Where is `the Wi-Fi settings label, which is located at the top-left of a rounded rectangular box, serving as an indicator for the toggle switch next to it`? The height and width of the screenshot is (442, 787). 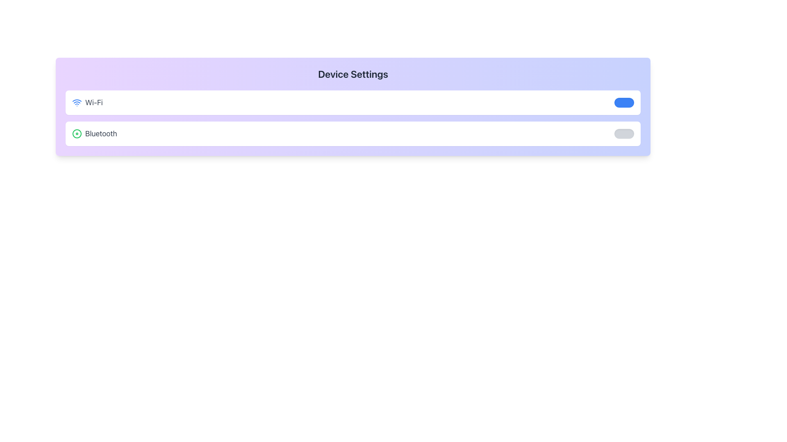 the Wi-Fi settings label, which is located at the top-left of a rounded rectangular box, serving as an indicator for the toggle switch next to it is located at coordinates (87, 102).